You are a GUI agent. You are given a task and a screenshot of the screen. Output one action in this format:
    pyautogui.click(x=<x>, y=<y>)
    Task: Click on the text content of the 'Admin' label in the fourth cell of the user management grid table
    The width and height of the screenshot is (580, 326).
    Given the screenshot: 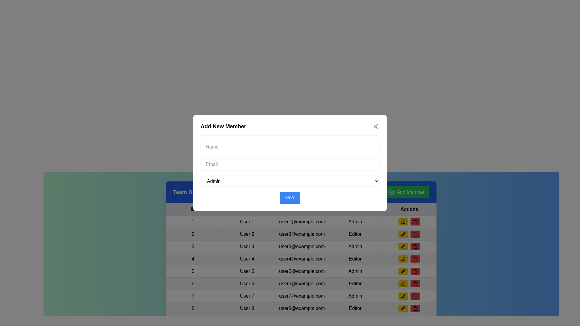 What is the action you would take?
    pyautogui.click(x=355, y=271)
    